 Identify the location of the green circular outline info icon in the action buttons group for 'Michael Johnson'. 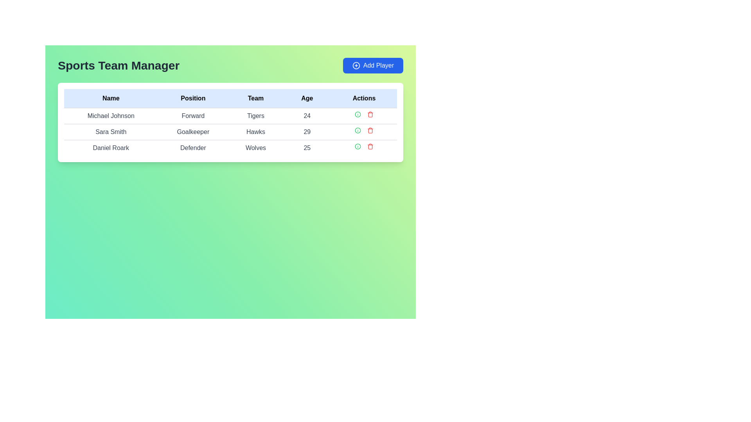
(364, 114).